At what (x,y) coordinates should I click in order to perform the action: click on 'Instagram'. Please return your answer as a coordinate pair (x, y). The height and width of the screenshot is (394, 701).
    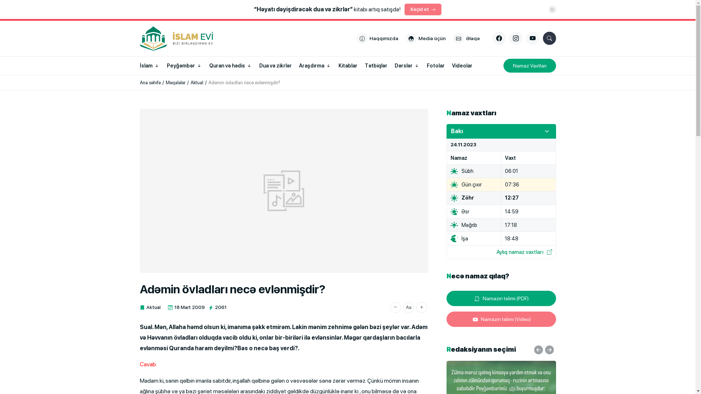
    Looking at the image, I should click on (515, 38).